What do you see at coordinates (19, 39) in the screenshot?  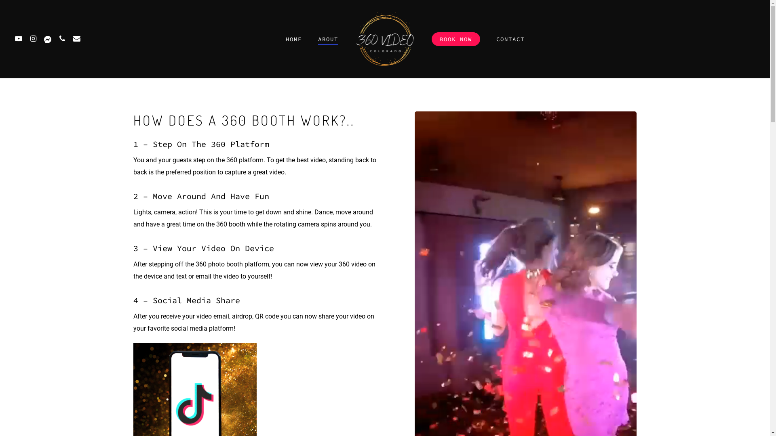 I see `'YOUTUBE'` at bounding box center [19, 39].